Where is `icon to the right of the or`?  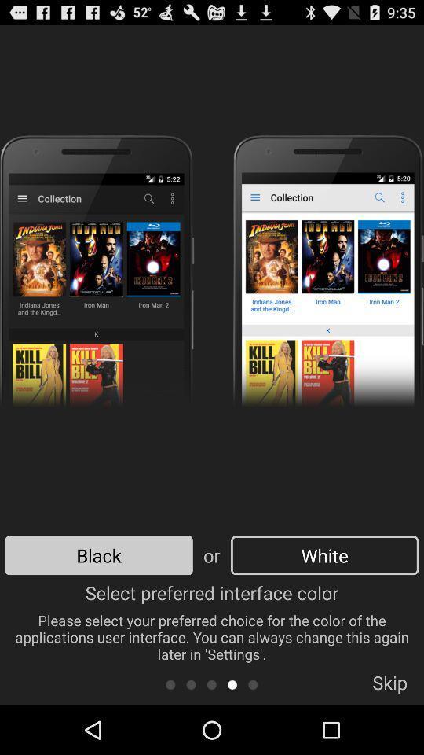
icon to the right of the or is located at coordinates (323, 555).